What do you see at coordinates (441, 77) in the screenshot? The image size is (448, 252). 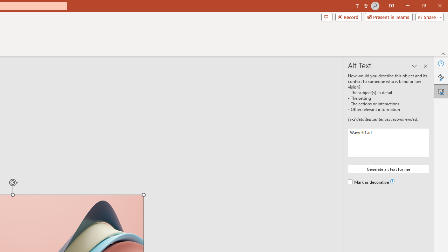 I see `'Format Picture'` at bounding box center [441, 77].